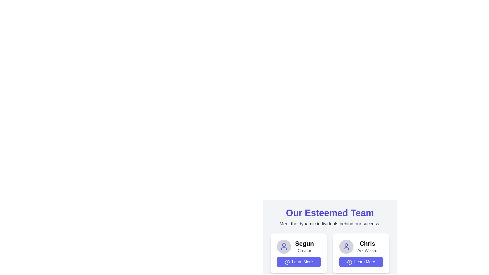  What do you see at coordinates (287, 262) in the screenshot?
I see `SVG Circle Element, which is a thin, stroked circle without a fill, located next to the 'Learn More' button under the profile section of 'Chris', by opening the developer tools` at bounding box center [287, 262].